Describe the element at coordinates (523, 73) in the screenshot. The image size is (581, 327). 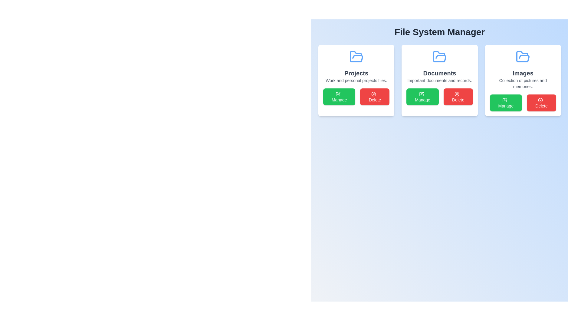
I see `the third bold text label in the File System Manager interface, which serves as a title for the card indicating its relevance to images or picture collections` at that location.